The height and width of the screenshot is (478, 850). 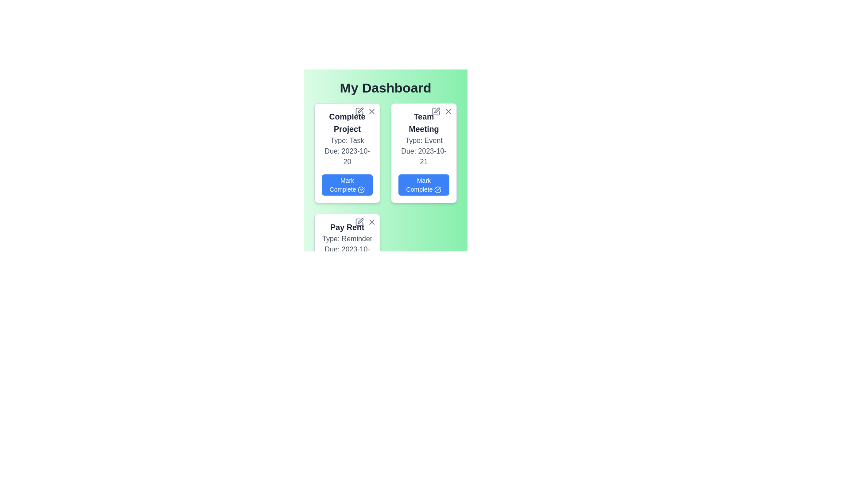 What do you see at coordinates (372, 111) in the screenshot?
I see `the close button icon located at the top-right corner of the 'Complete Project' card` at bounding box center [372, 111].